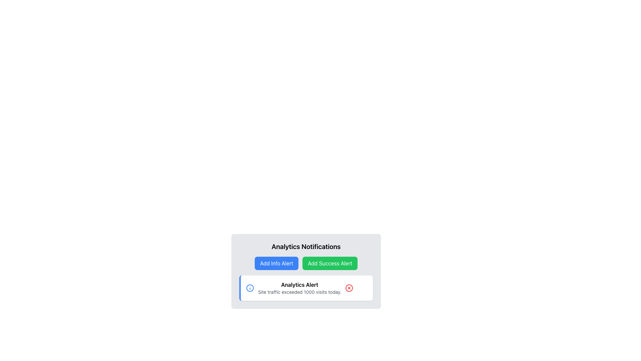 The height and width of the screenshot is (361, 641). What do you see at coordinates (299, 287) in the screenshot?
I see `notification text displayed in the 'Analytics Notifications' card located in the lower half of the interface, below the 'Add Info Alert' and 'Add Success Alert' buttons` at bounding box center [299, 287].